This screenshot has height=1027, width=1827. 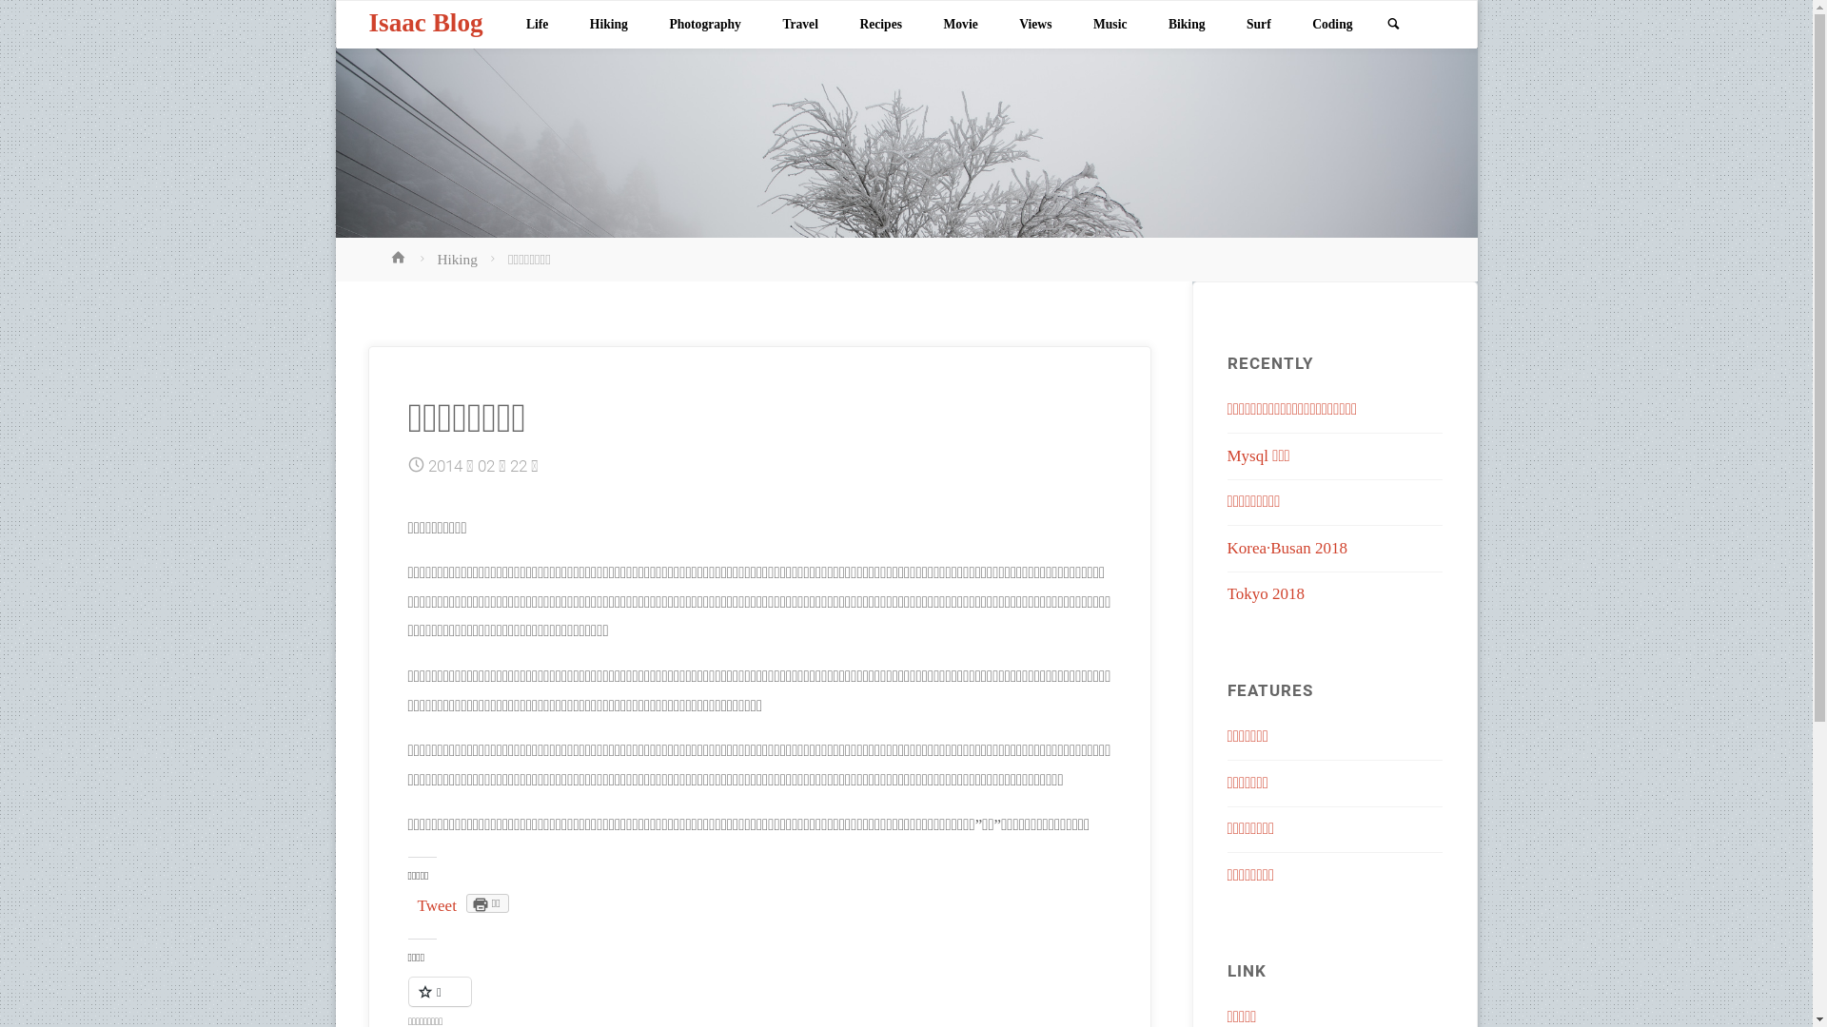 What do you see at coordinates (1146, 25) in the screenshot?
I see `'Biking'` at bounding box center [1146, 25].